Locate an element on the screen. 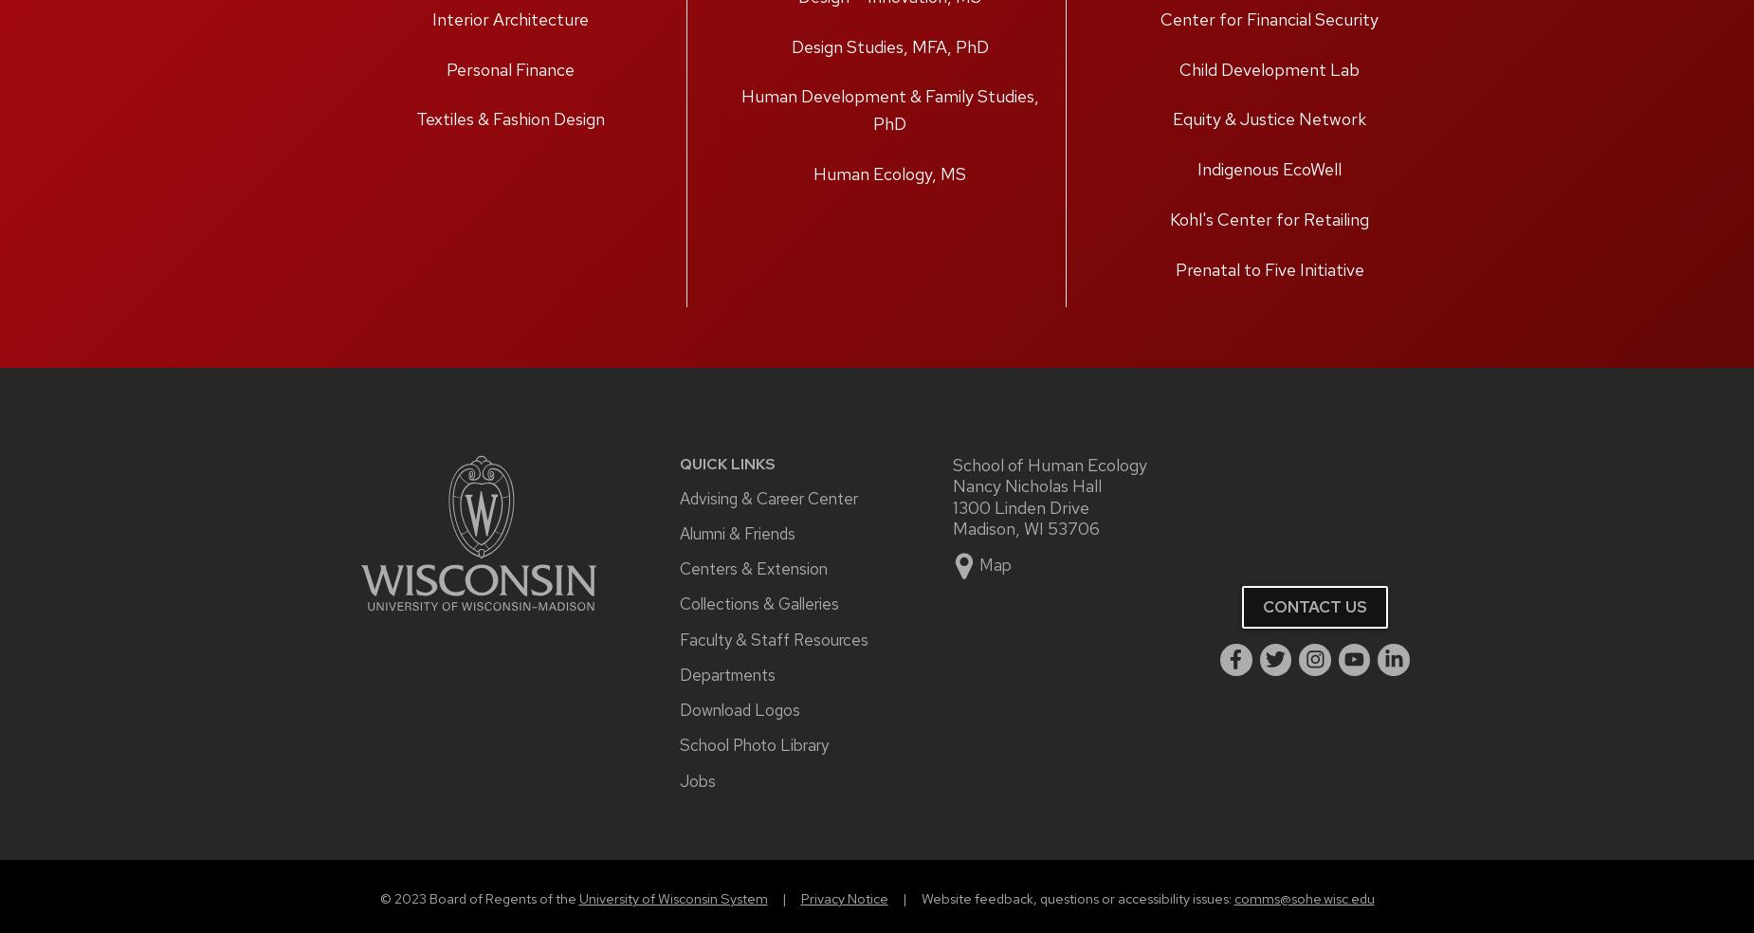 This screenshot has width=1754, height=933. 'Interior Architecture' is located at coordinates (510, 17).